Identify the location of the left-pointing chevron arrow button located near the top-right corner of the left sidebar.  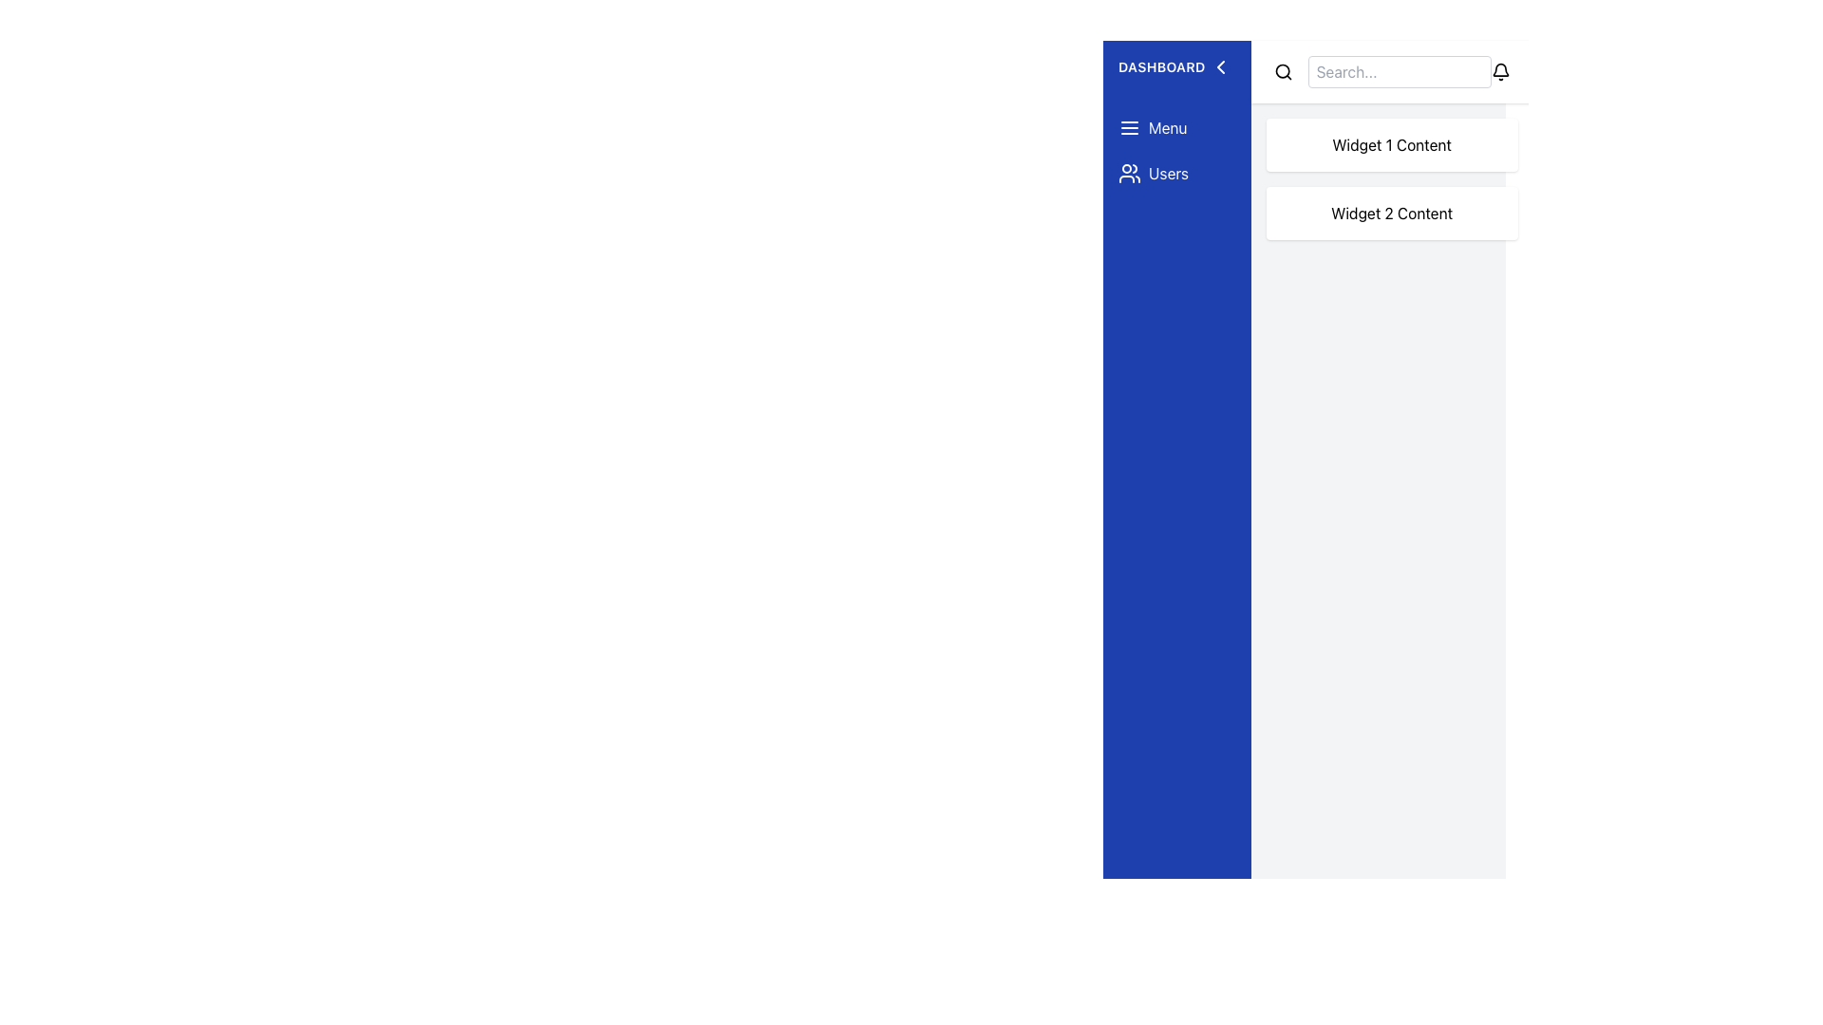
(1220, 65).